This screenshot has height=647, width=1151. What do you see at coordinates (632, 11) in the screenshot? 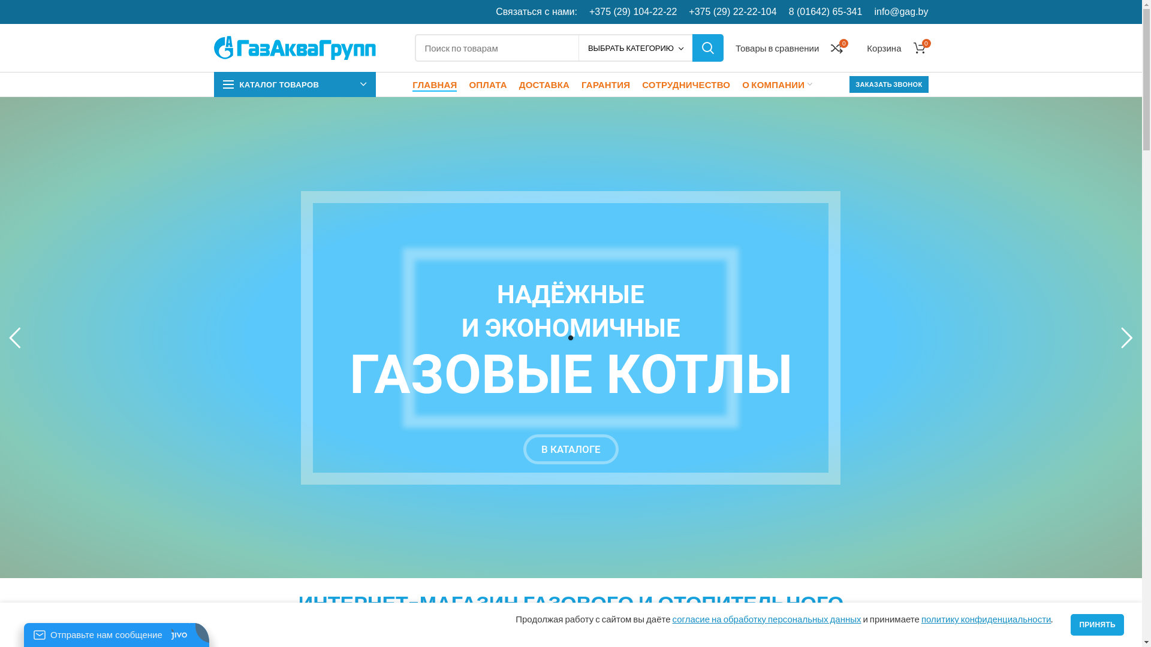
I see `'+375 (29) 104-22-22'` at bounding box center [632, 11].